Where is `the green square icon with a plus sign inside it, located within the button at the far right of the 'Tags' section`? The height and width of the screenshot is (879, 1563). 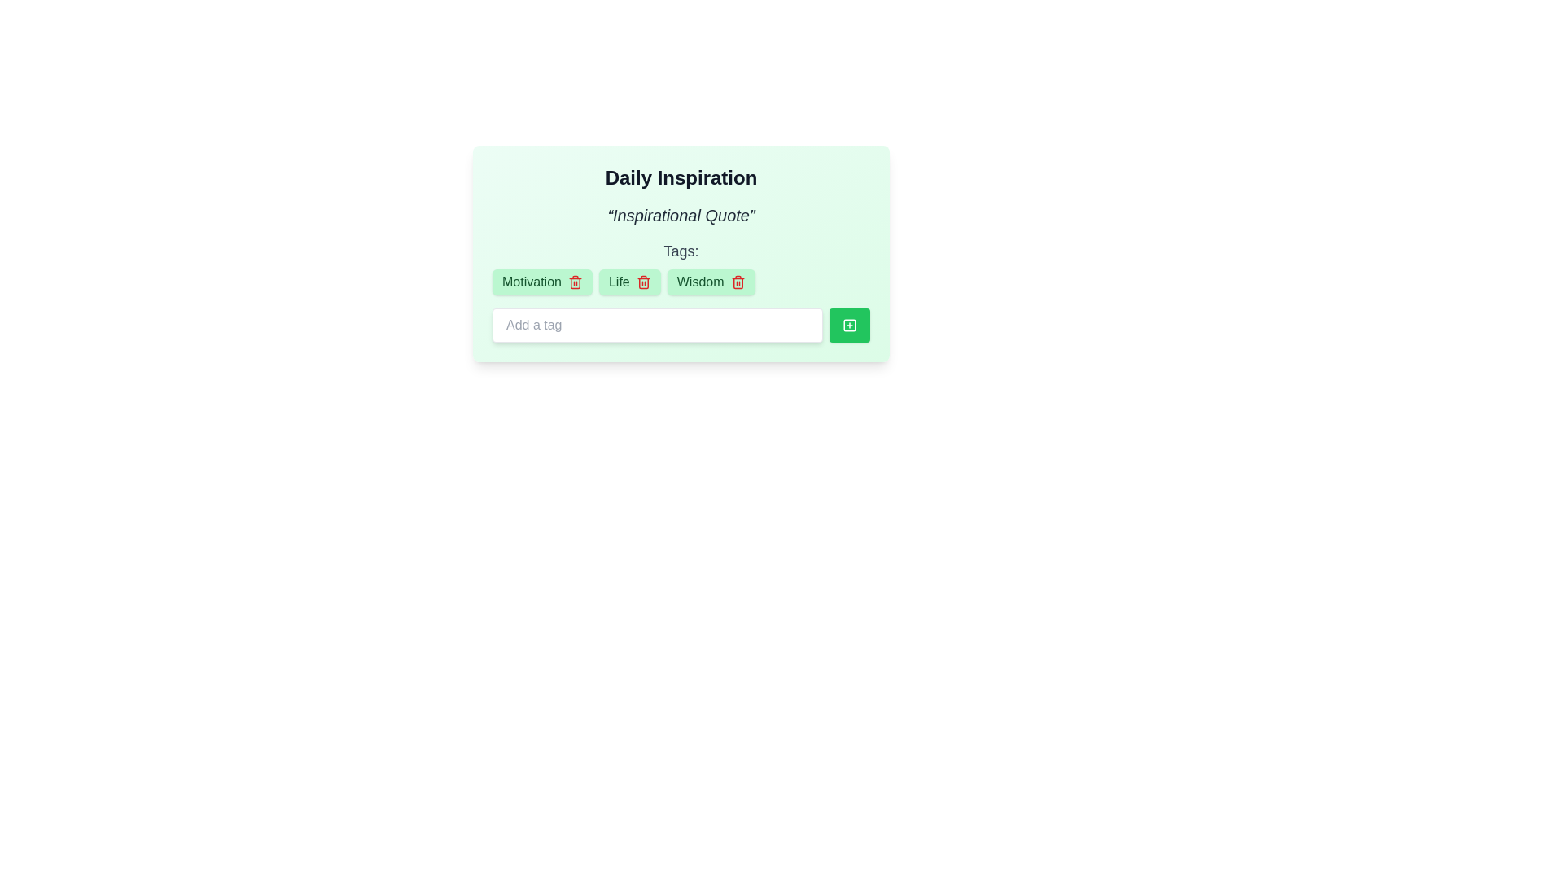
the green square icon with a plus sign inside it, located within the button at the far right of the 'Tags' section is located at coordinates (848, 326).